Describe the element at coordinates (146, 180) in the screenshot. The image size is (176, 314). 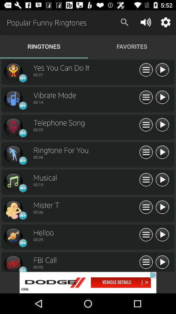
I see `button` at that location.